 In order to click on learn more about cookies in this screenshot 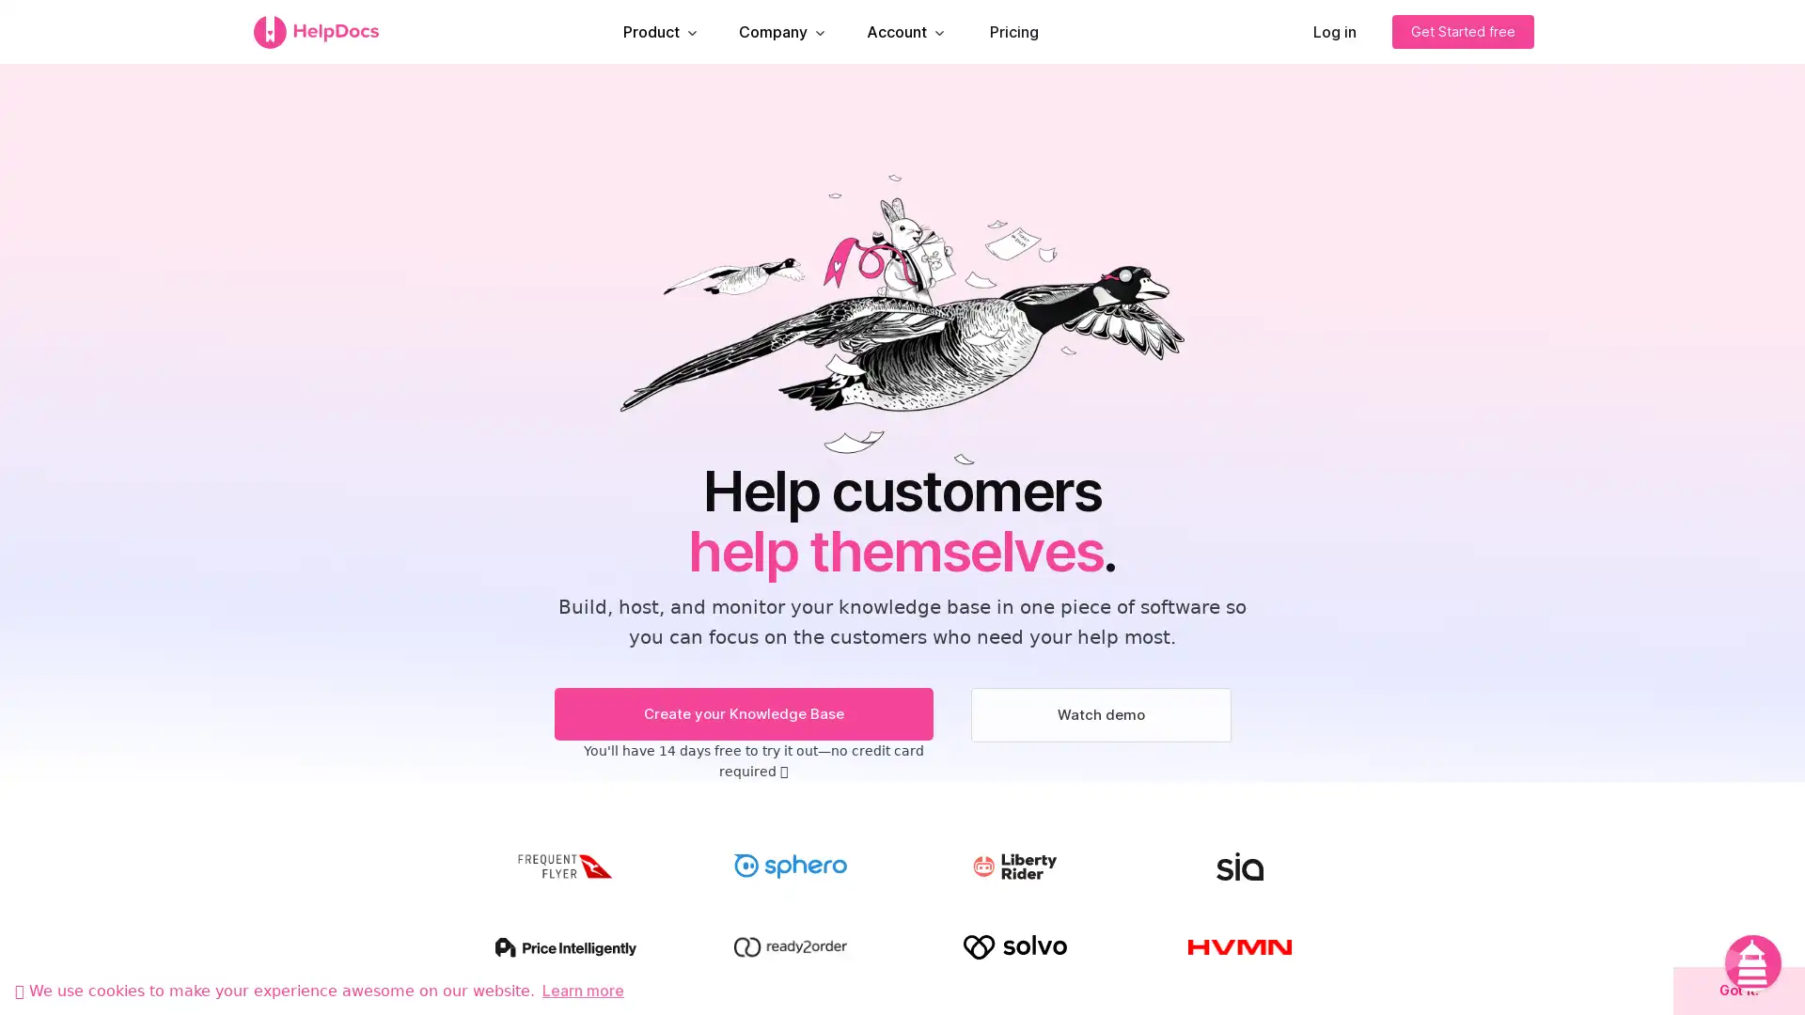, I will do `click(582, 989)`.